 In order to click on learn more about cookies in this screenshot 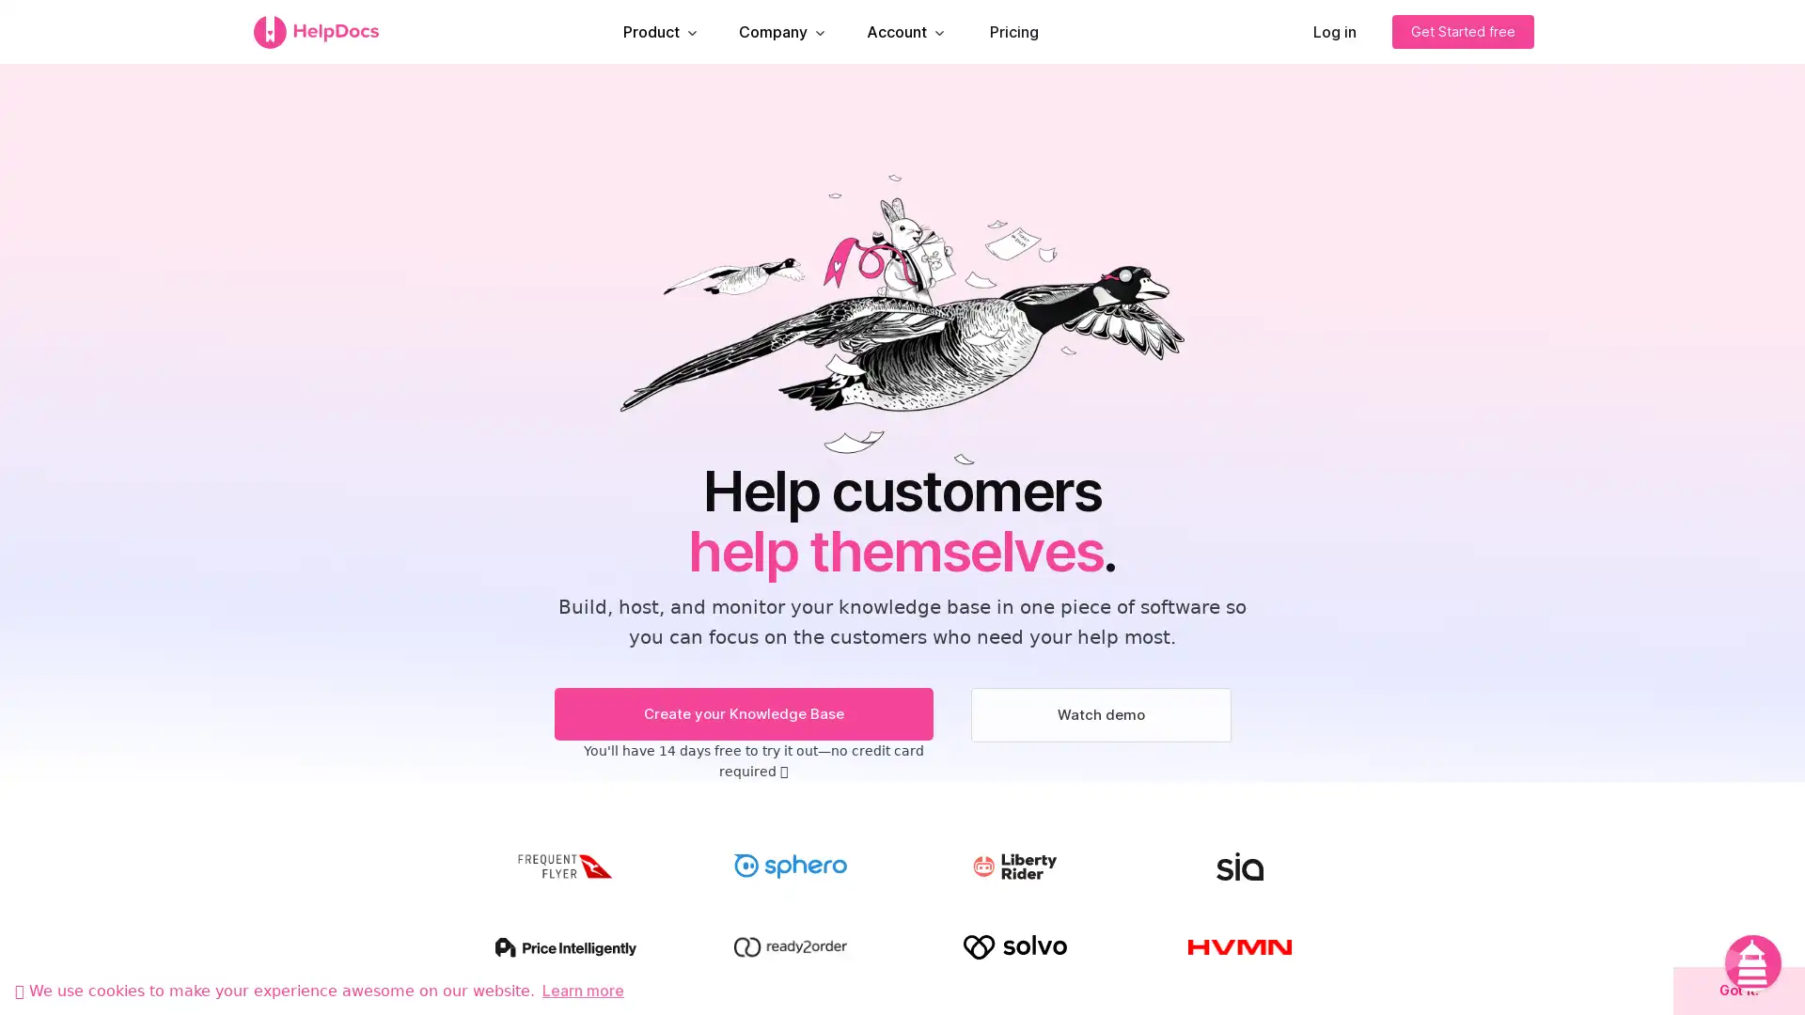, I will do `click(582, 989)`.